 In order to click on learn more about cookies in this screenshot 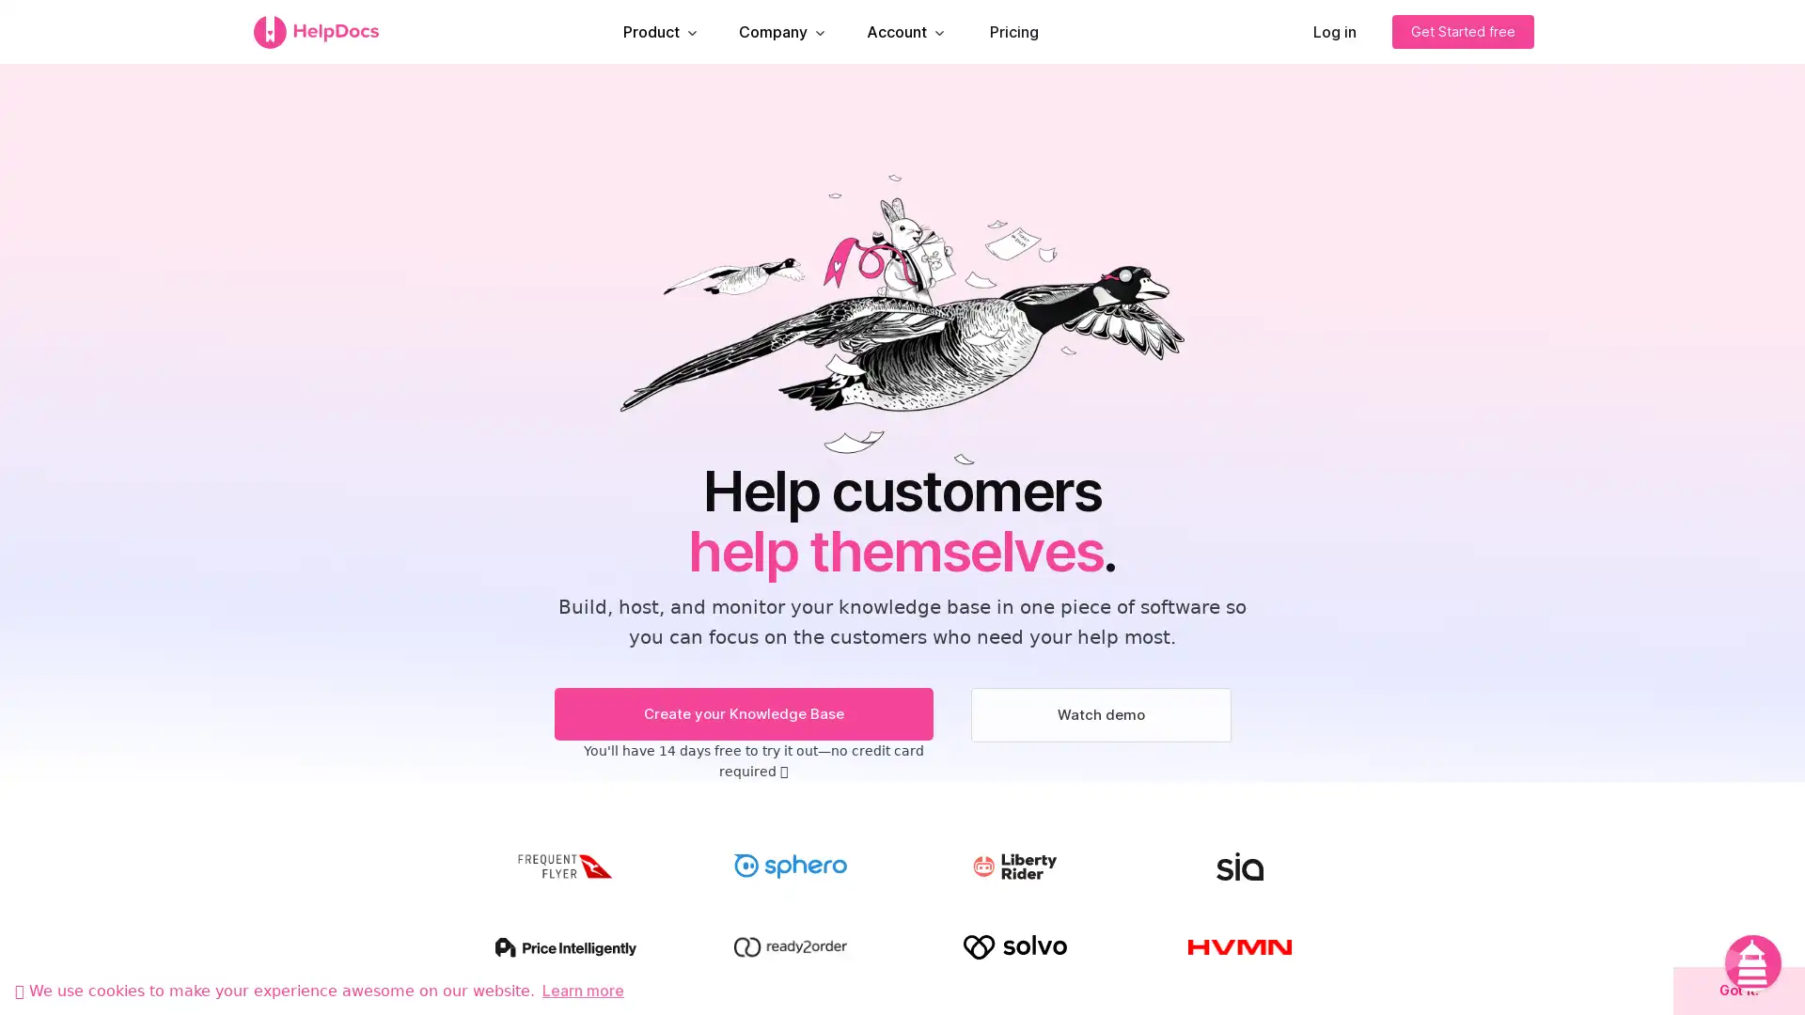, I will do `click(582, 989)`.